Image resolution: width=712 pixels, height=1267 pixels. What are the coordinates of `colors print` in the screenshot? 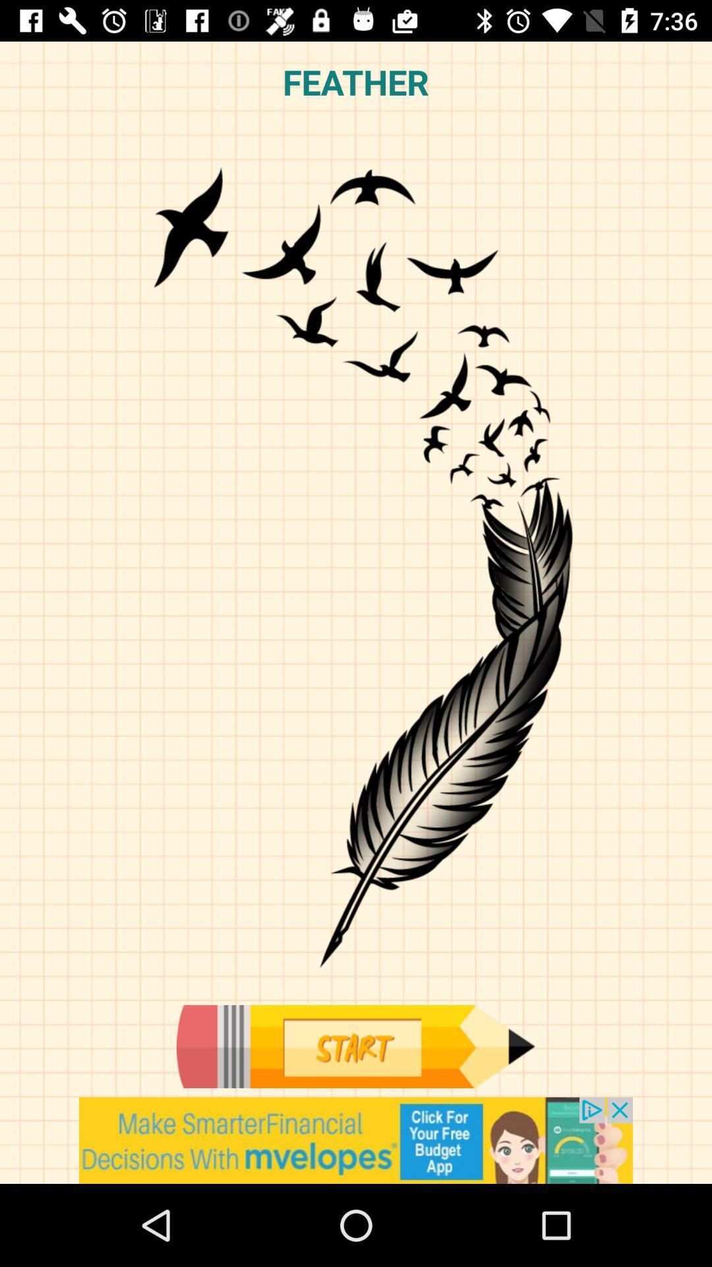 It's located at (355, 1046).